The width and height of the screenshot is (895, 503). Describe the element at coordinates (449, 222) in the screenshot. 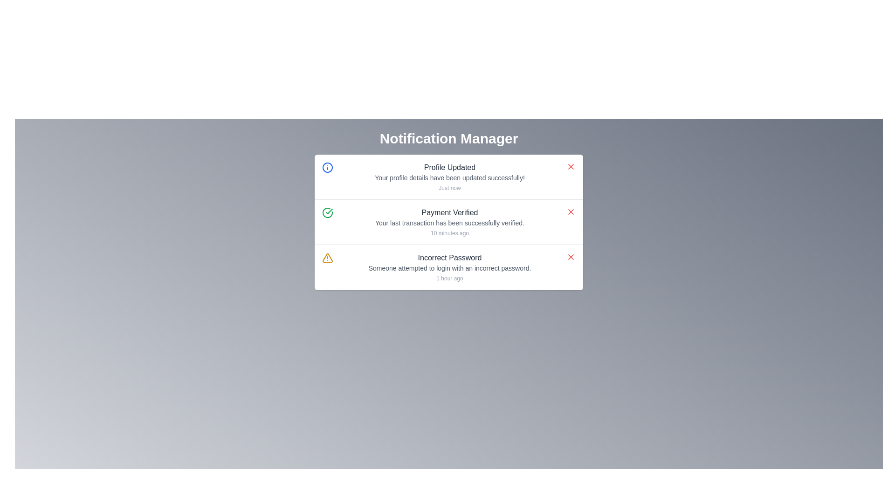

I see `the second notification item in the notification center that confirms a recent payment transaction verification` at that location.